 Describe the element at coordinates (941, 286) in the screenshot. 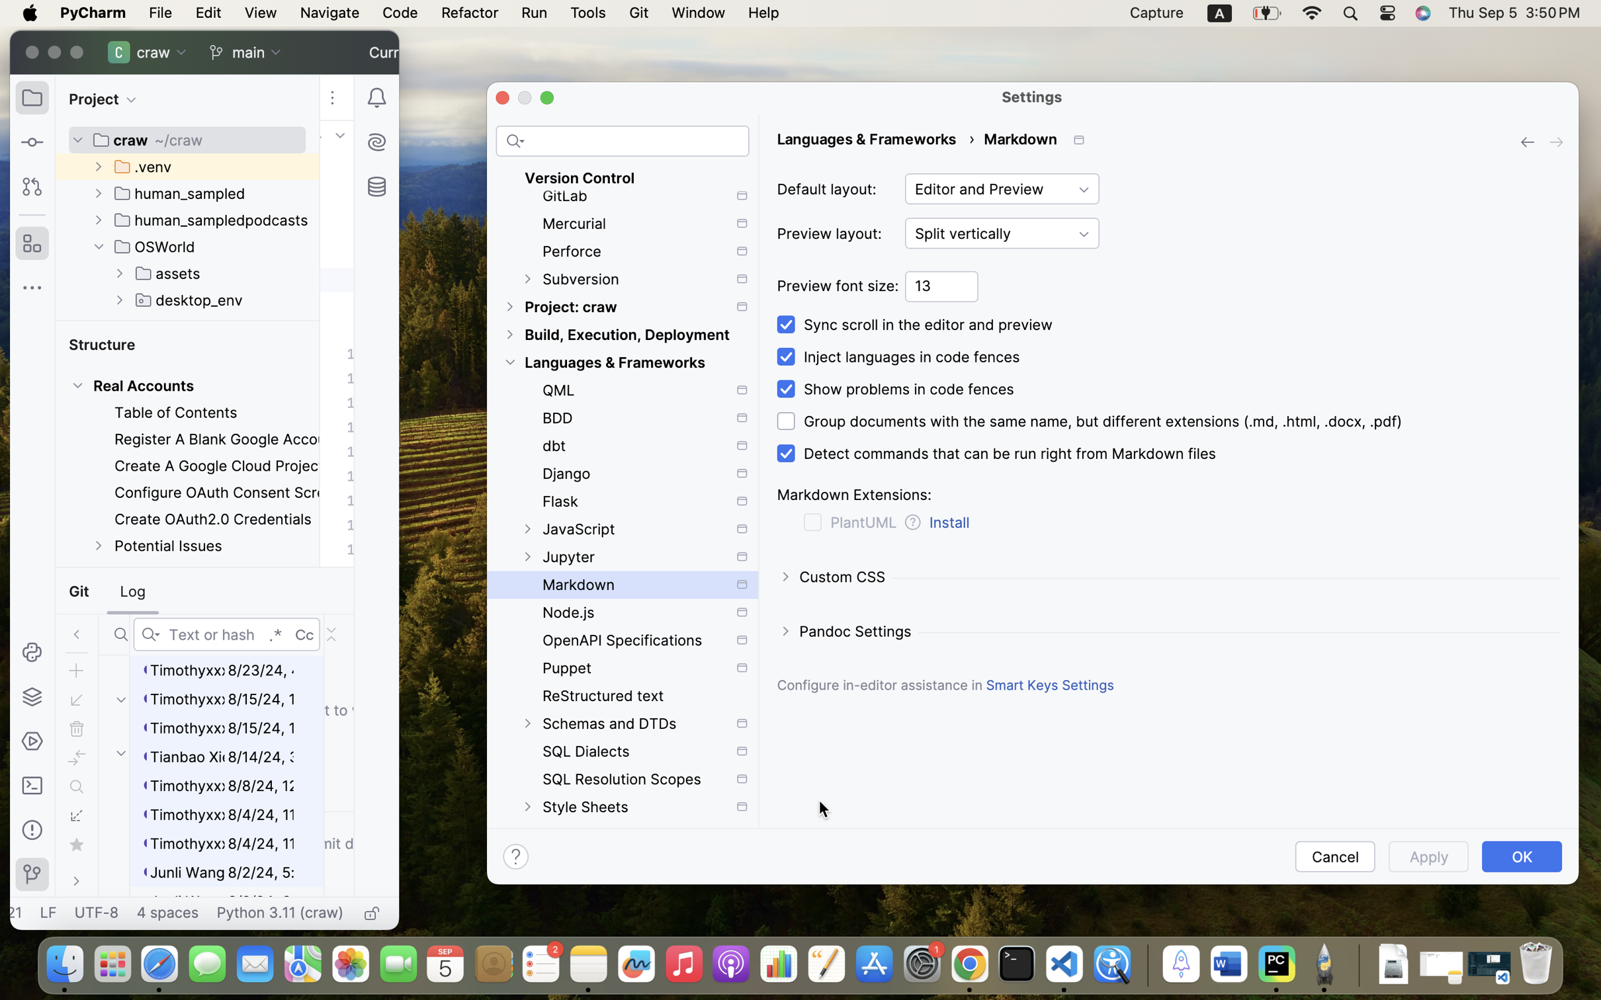

I see `'13'` at that location.